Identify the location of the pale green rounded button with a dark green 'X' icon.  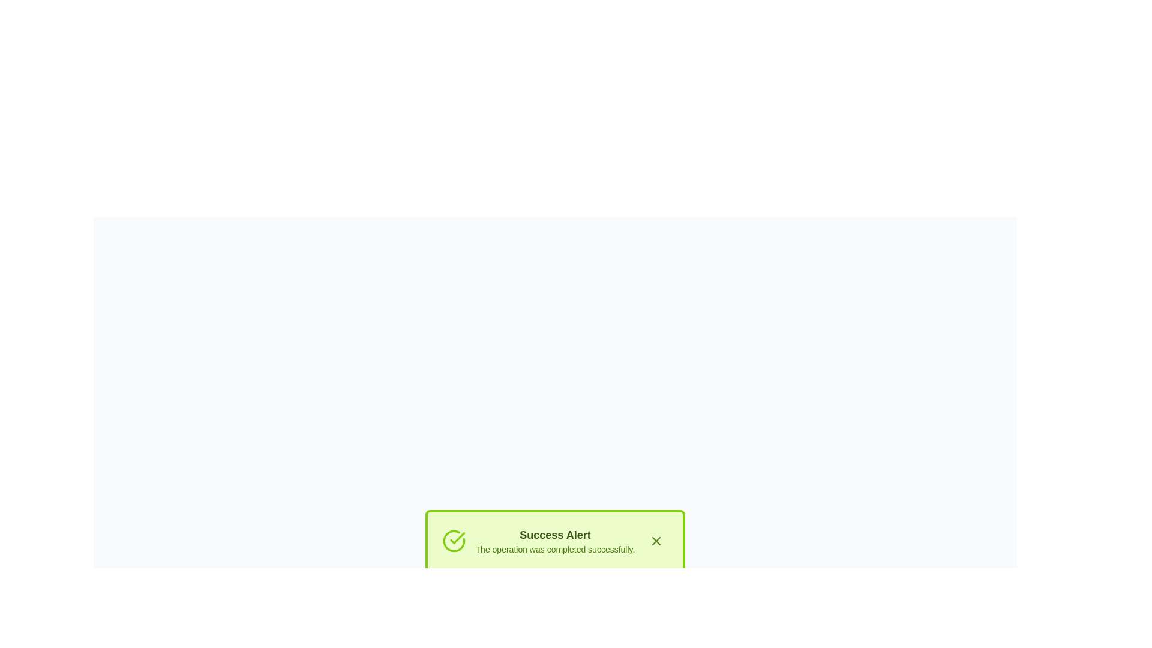
(656, 541).